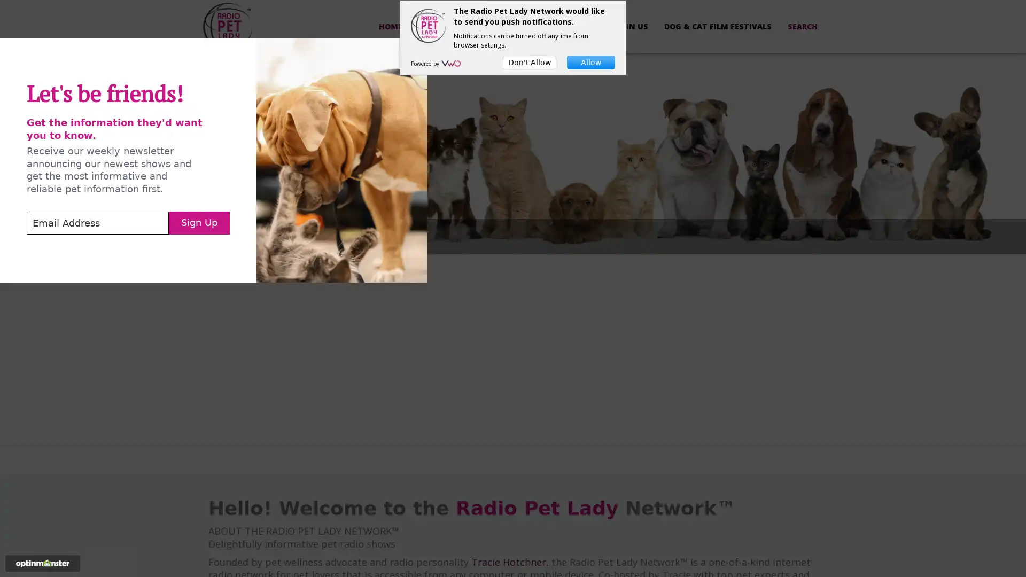 The height and width of the screenshot is (577, 1026). I want to click on Close, so click(713, 178).